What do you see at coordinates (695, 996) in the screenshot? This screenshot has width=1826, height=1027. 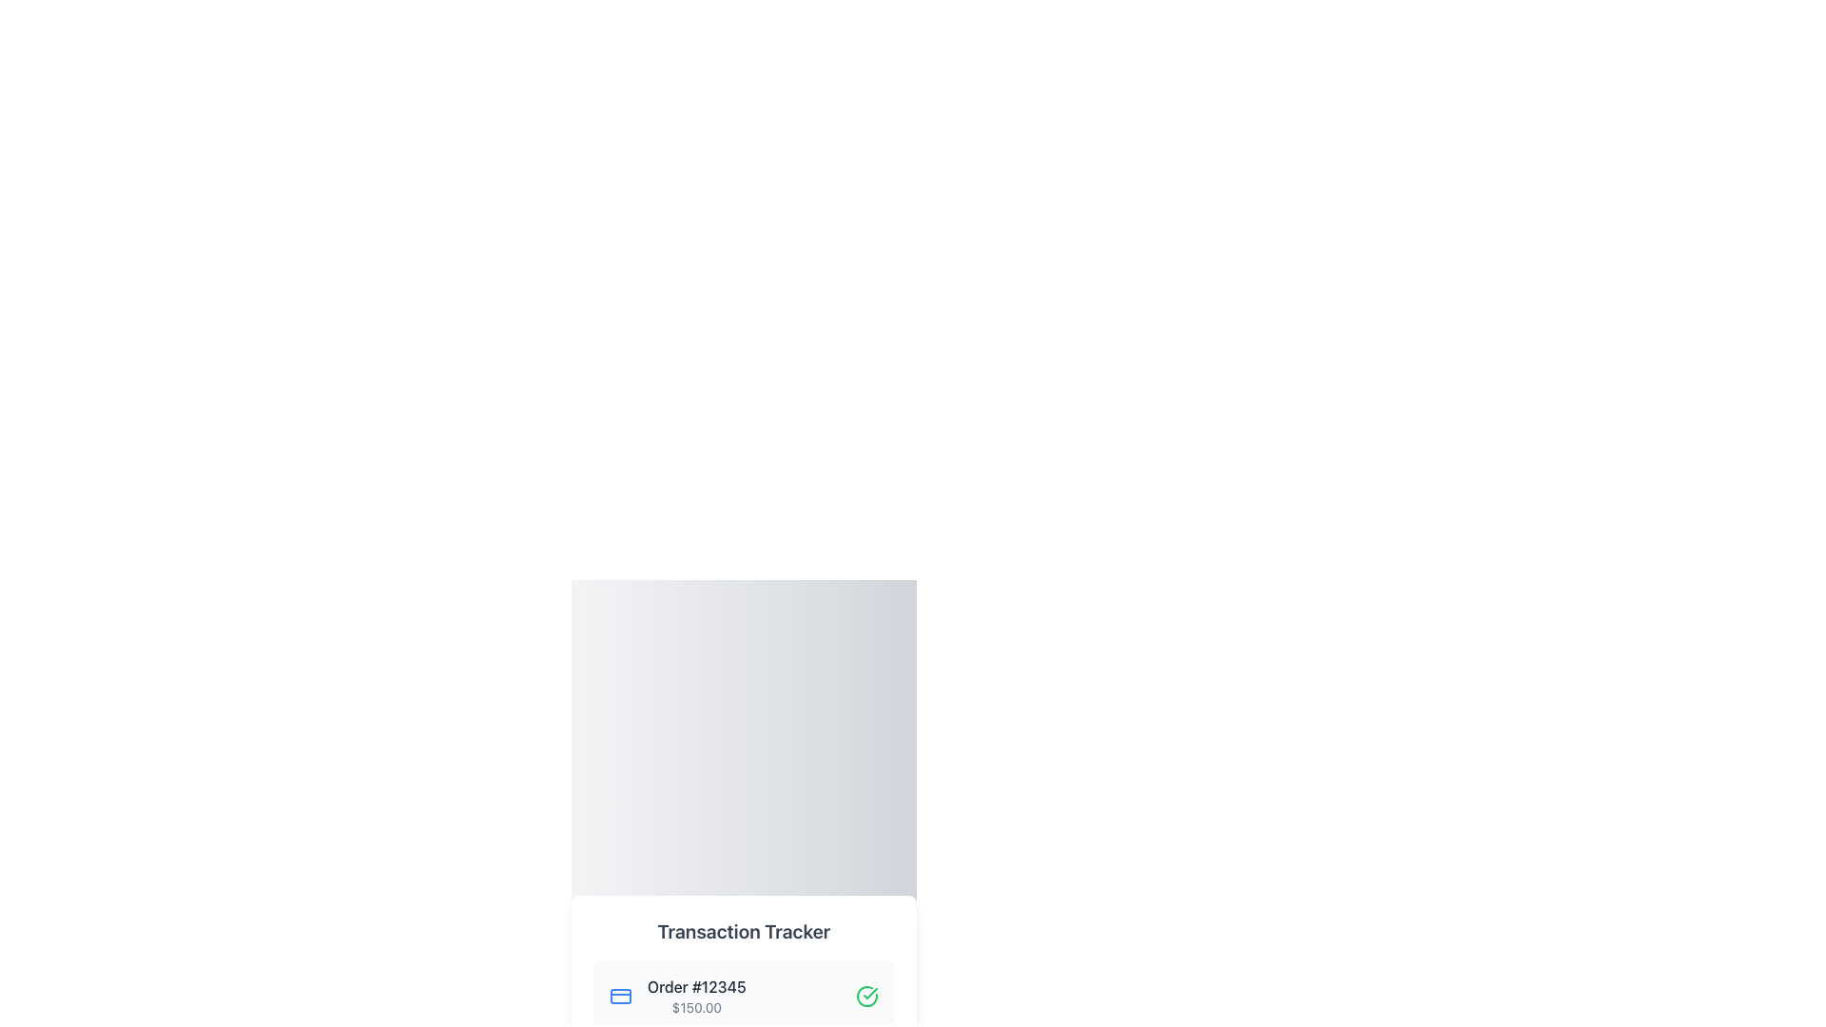 I see `the text label displaying 'Order #12345' and '$150.00' located centrally beneath the 'Transaction Tracker' header` at bounding box center [695, 996].